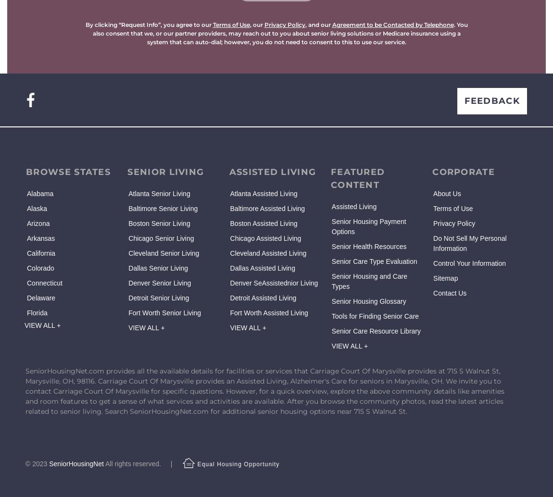  What do you see at coordinates (159, 193) in the screenshot?
I see `'Atlanta Senior Living'` at bounding box center [159, 193].